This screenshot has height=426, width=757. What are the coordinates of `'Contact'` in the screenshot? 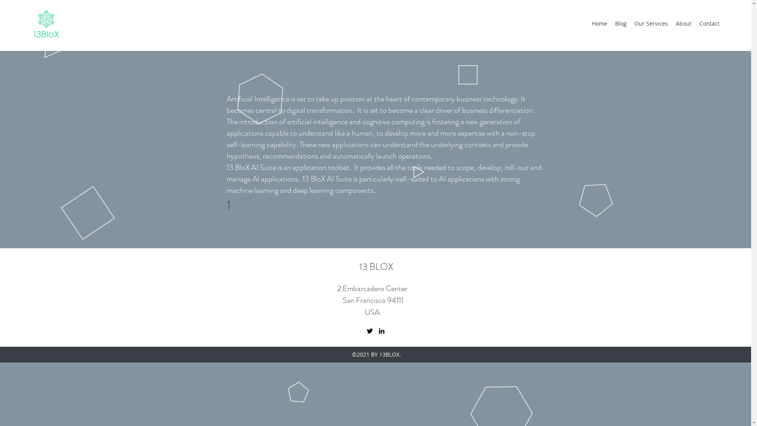 It's located at (709, 23).